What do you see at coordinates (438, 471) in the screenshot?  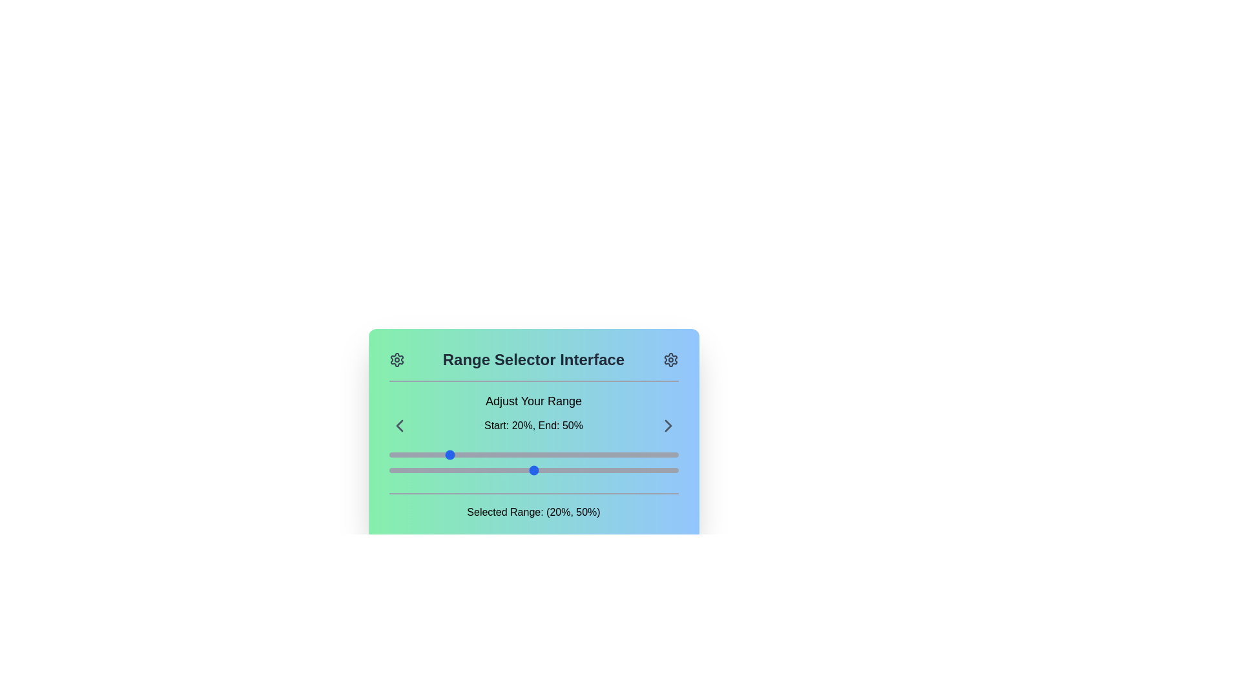 I see `the slider value` at bounding box center [438, 471].